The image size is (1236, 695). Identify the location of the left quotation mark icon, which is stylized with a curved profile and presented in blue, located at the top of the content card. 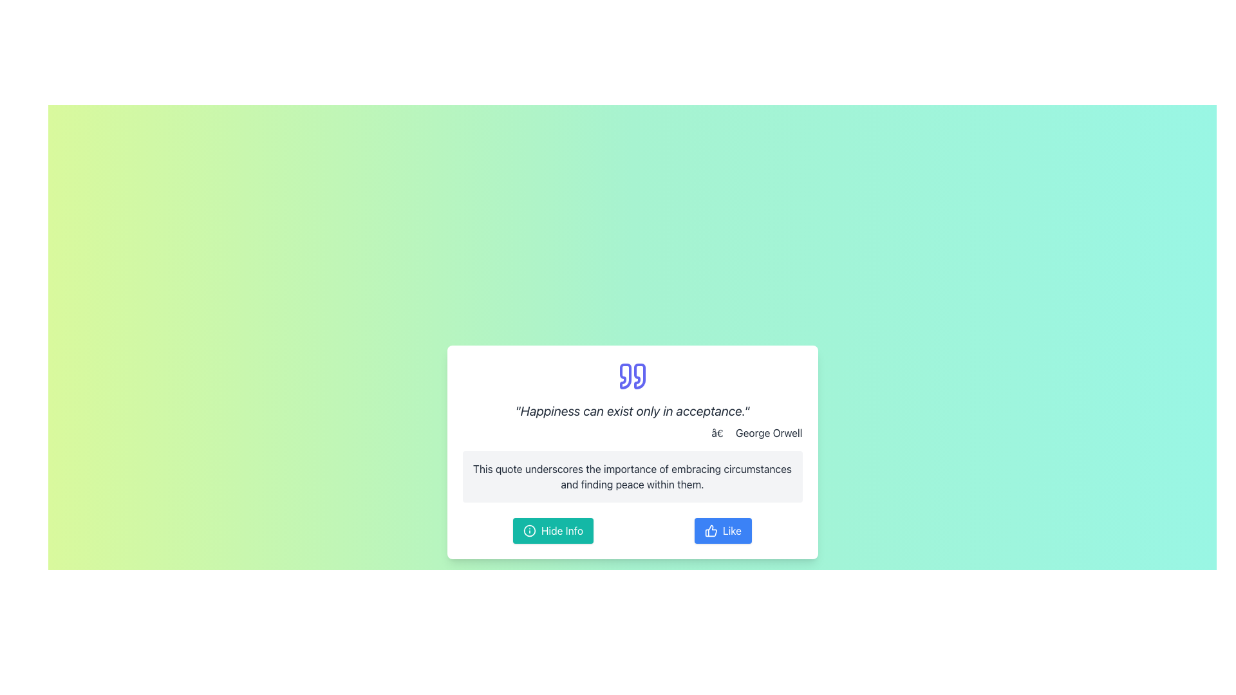
(625, 376).